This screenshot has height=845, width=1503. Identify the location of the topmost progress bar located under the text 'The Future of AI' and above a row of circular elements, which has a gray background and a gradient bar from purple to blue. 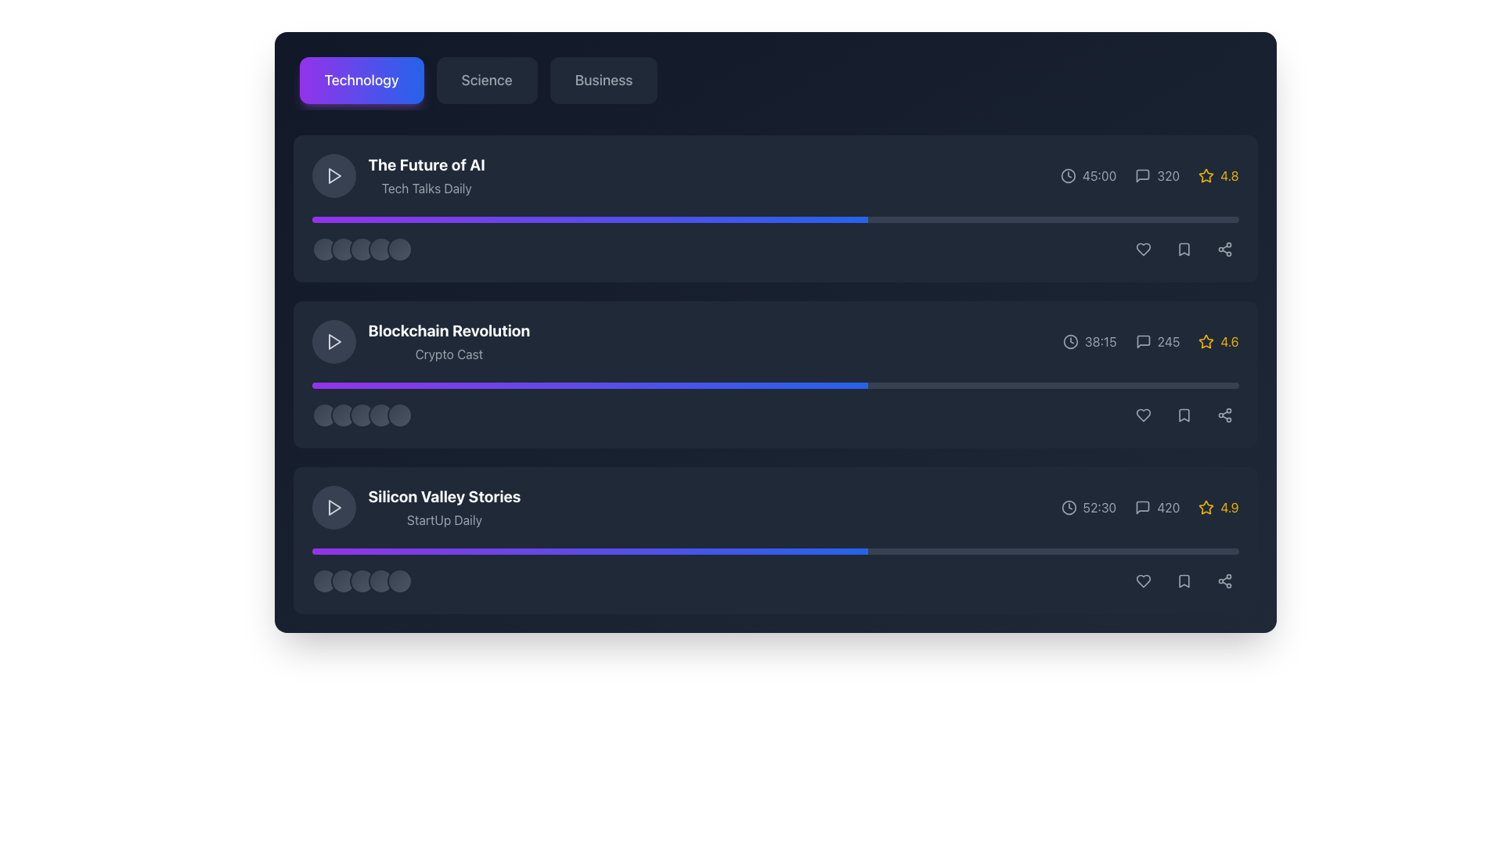
(775, 220).